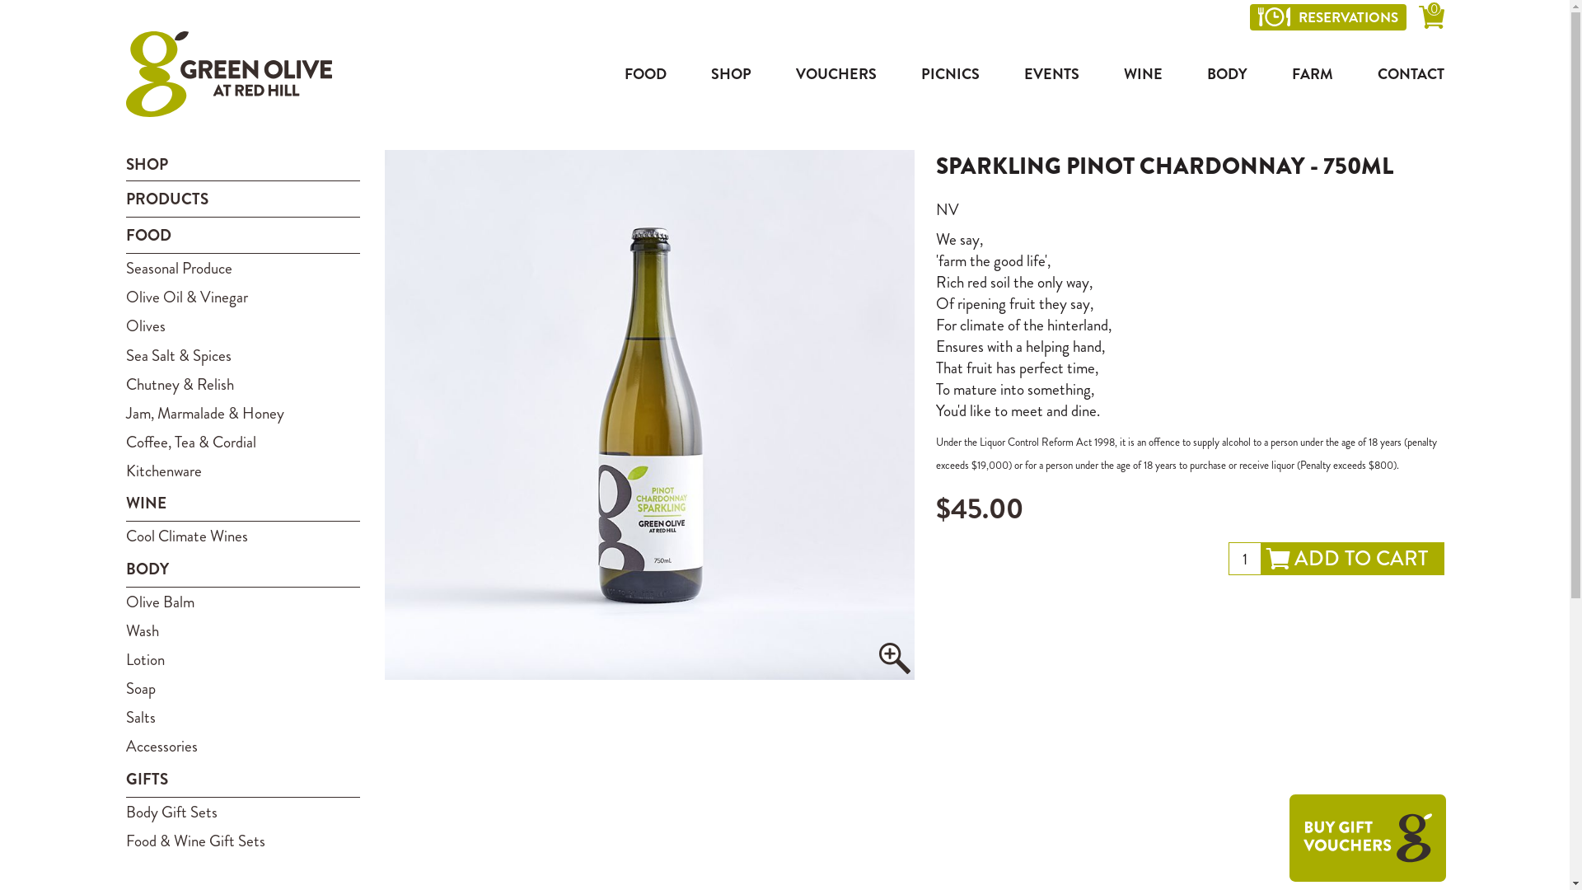  Describe the element at coordinates (1227, 558) in the screenshot. I see `'Qty'` at that location.